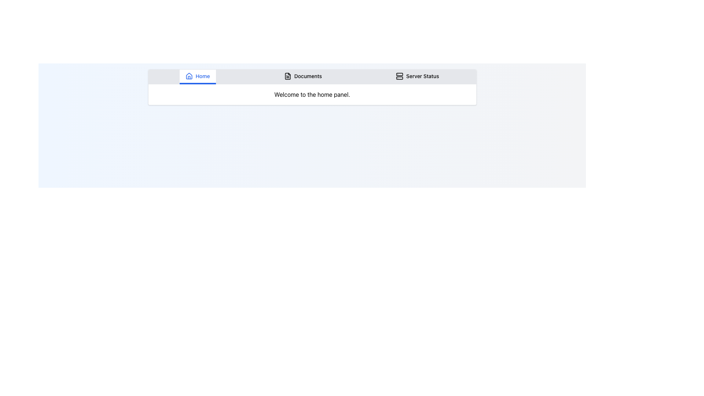 The width and height of the screenshot is (704, 396). I want to click on the 'Home' icon located in the navigation bar, which is positioned to the far left and serves as a quick link to the main section of the application, so click(189, 76).